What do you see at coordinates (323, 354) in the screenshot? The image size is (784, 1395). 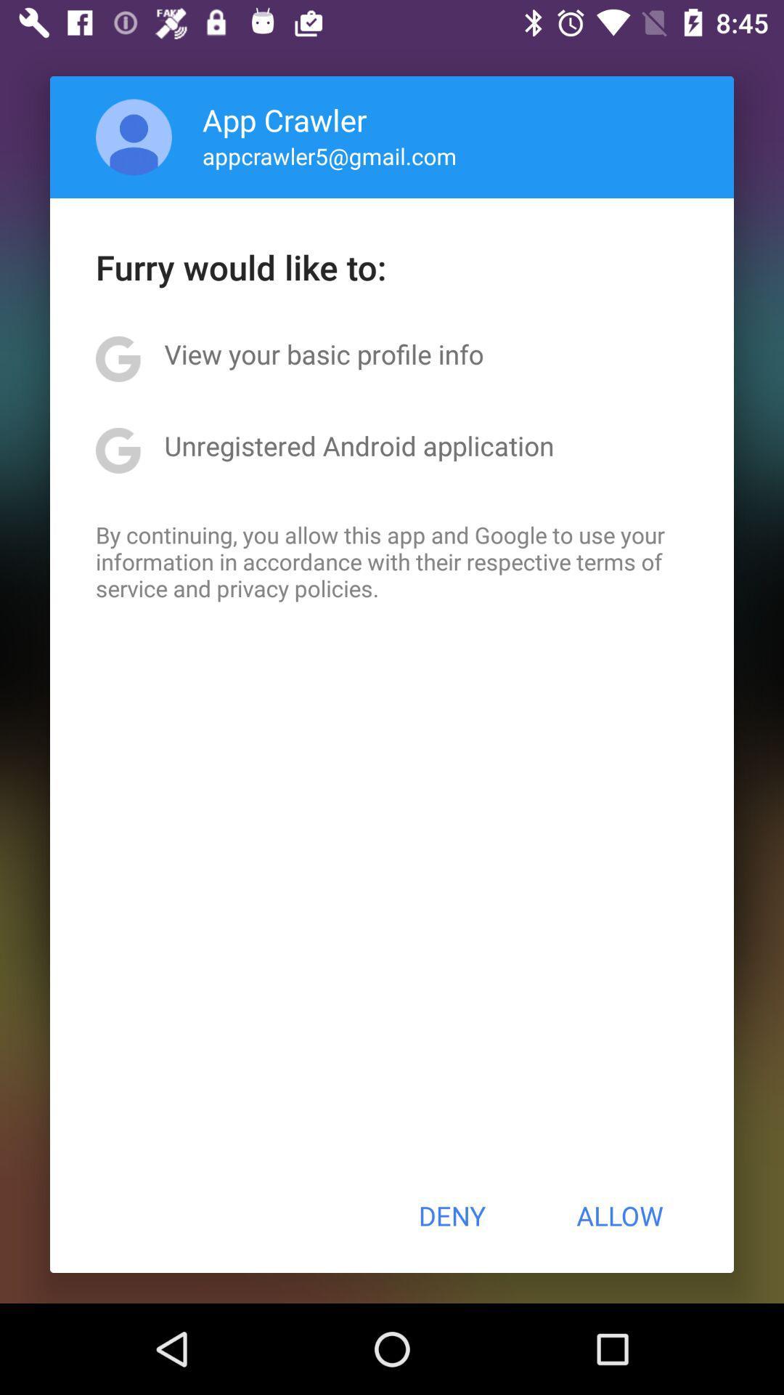 I see `view your basic item` at bounding box center [323, 354].